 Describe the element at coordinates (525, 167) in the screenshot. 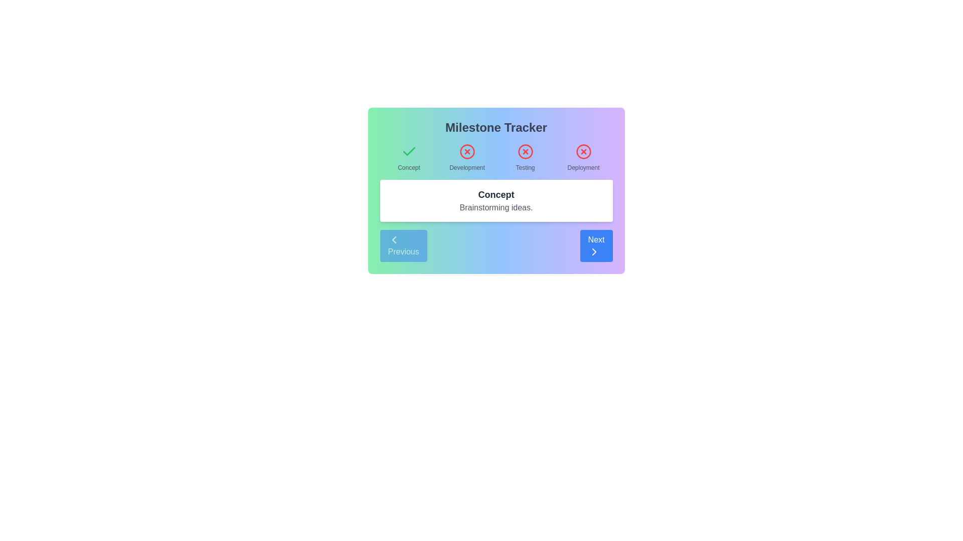

I see `the static text label indicating the 'Testing' phase in the milestone tracker, which is centrally positioned beneath its corresponding icon` at that location.